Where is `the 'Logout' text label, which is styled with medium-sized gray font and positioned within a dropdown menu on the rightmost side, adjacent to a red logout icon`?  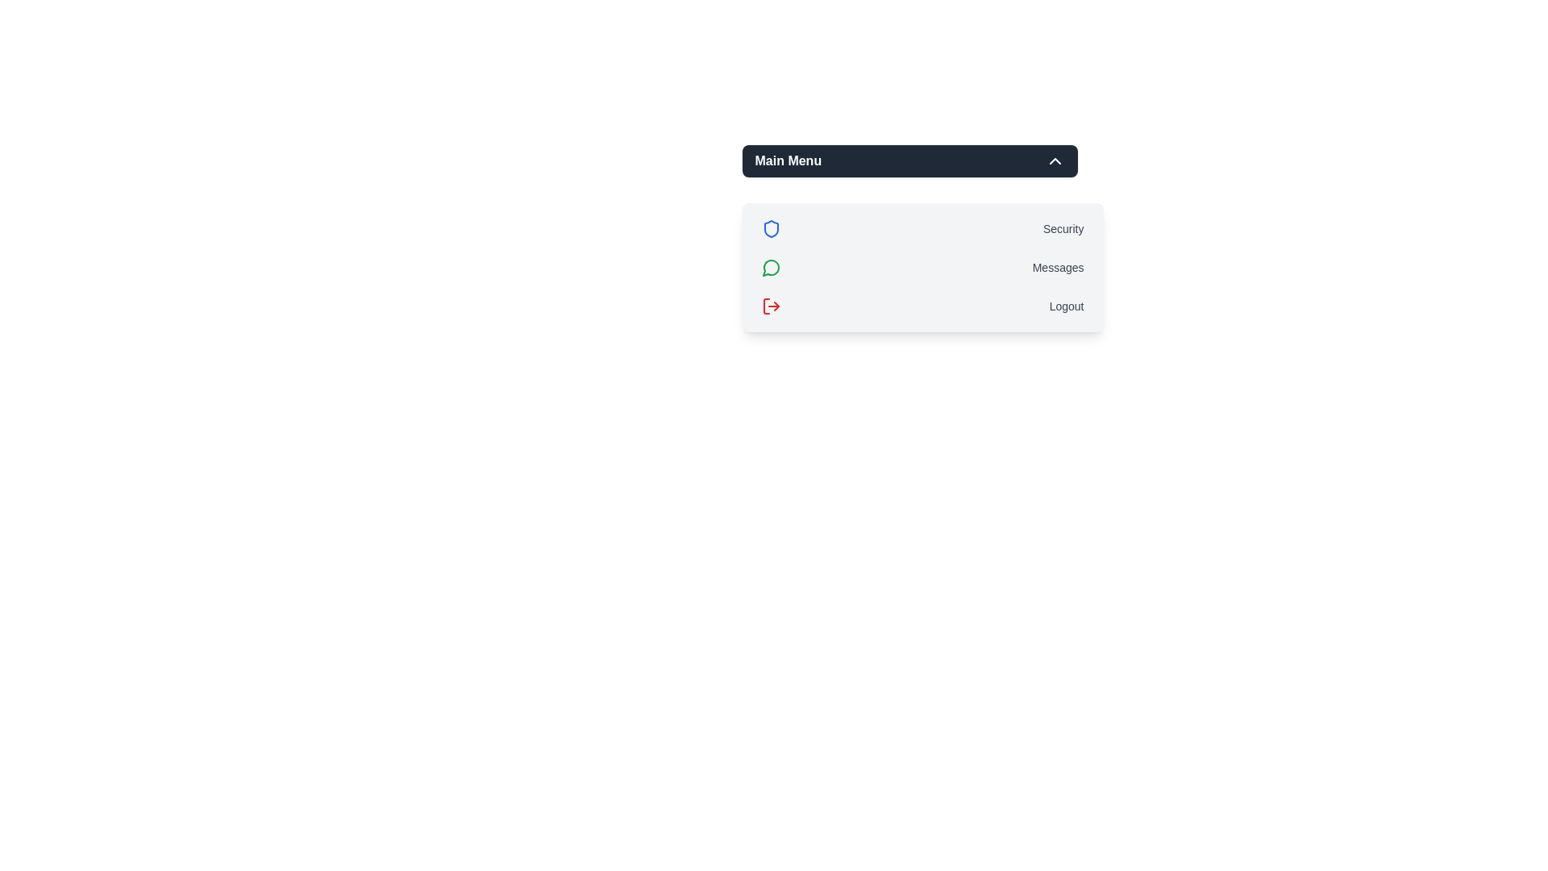
the 'Logout' text label, which is styled with medium-sized gray font and positioned within a dropdown menu on the rightmost side, adjacent to a red logout icon is located at coordinates (1067, 306).